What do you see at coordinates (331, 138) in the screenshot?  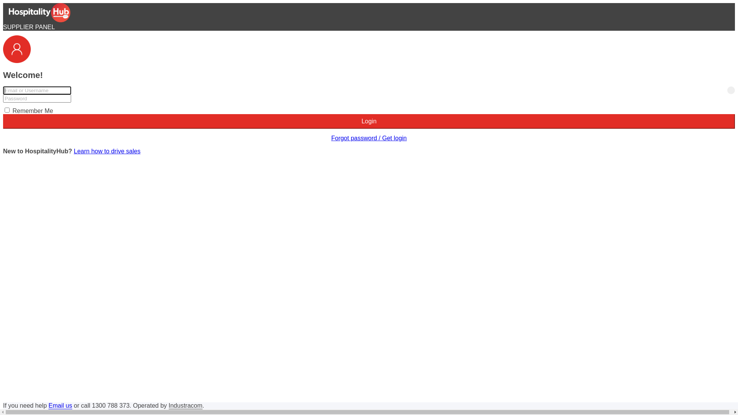 I see `'Forgot password / Get login'` at bounding box center [331, 138].